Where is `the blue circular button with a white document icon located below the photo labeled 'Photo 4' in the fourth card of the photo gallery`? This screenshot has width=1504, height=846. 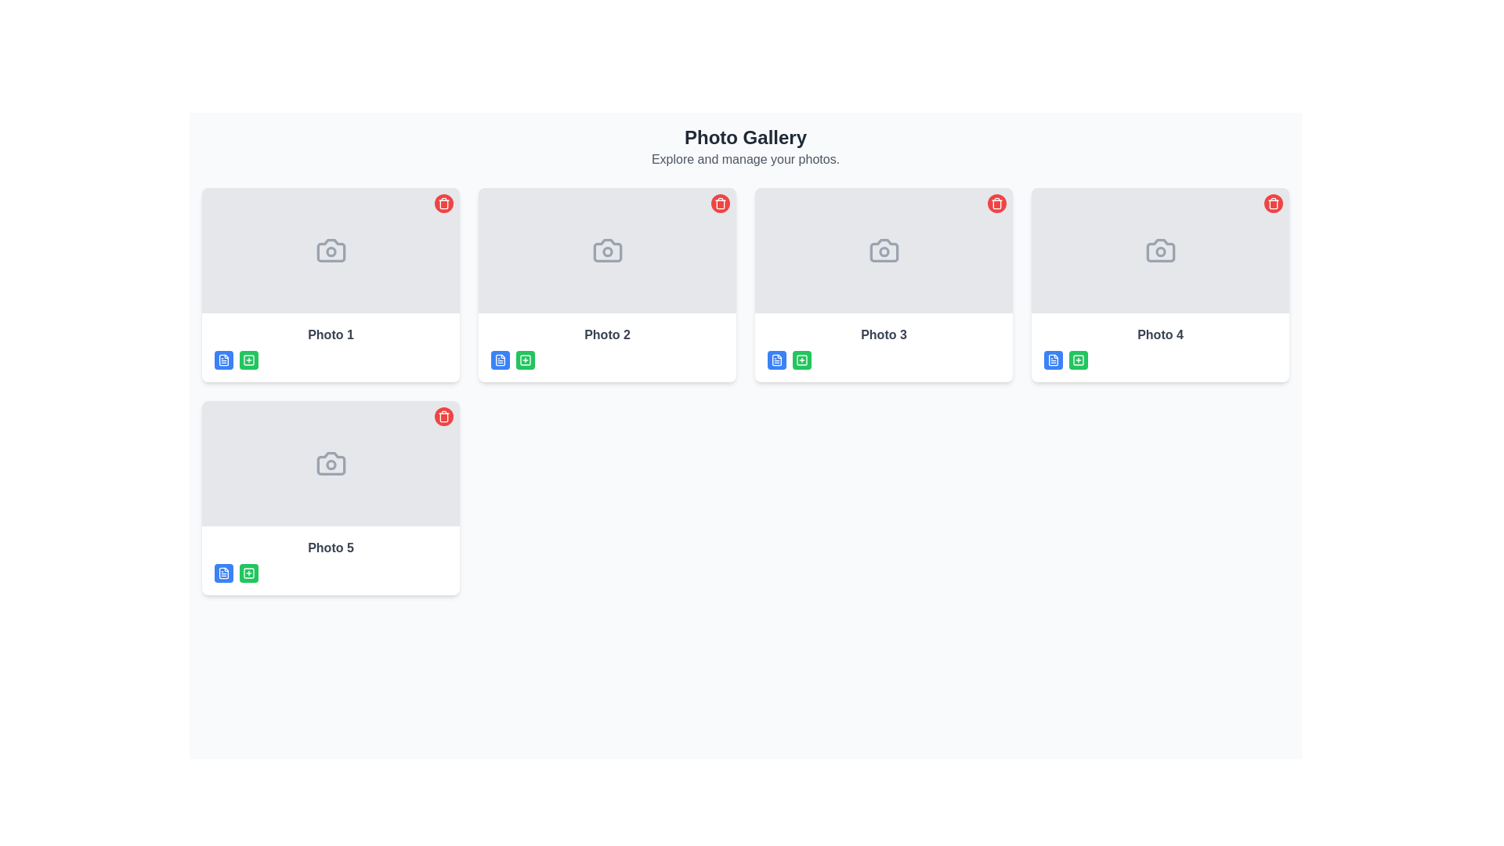 the blue circular button with a white document icon located below the photo labeled 'Photo 4' in the fourth card of the photo gallery is located at coordinates (1053, 360).